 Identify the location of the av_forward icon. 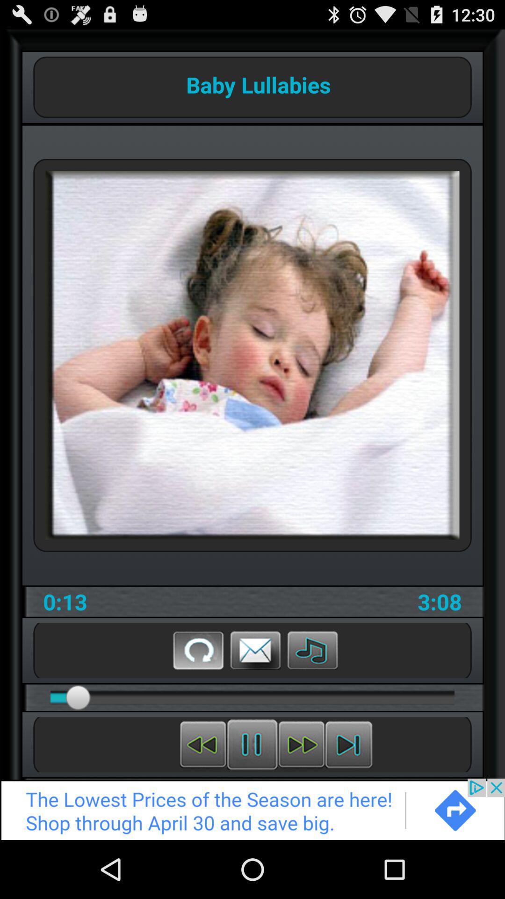
(301, 796).